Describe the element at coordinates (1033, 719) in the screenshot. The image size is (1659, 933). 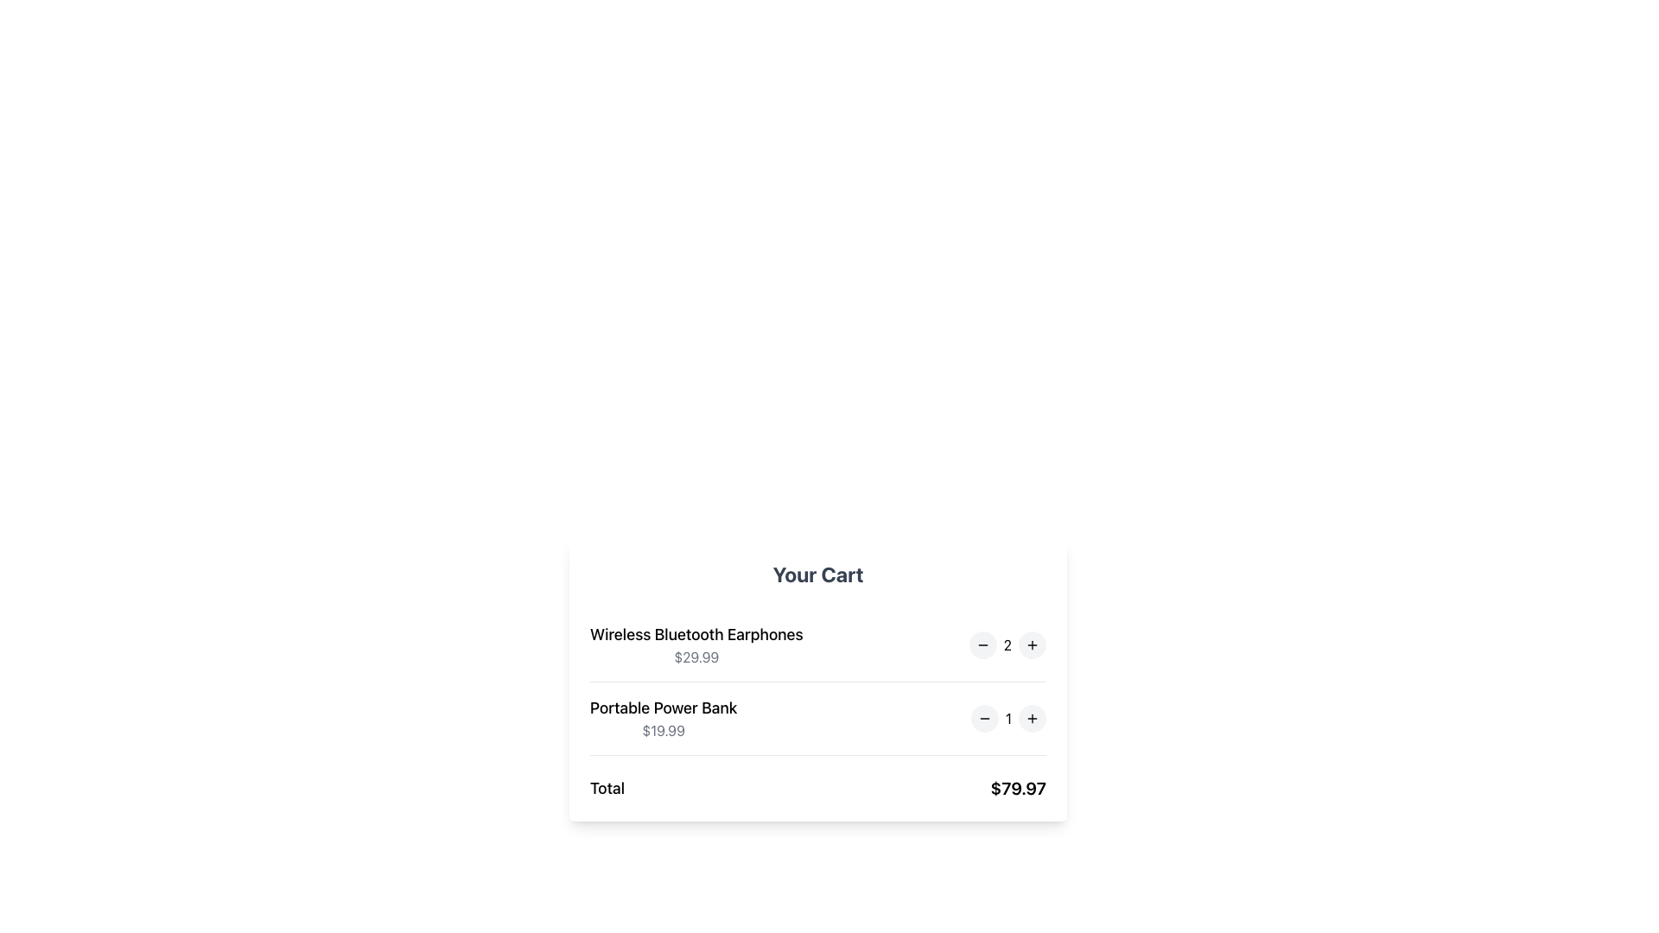
I see `the 'add' icon button located within a circular light gray background to increment the quantity of the 'Portable Power Bank' in the shopping cart` at that location.